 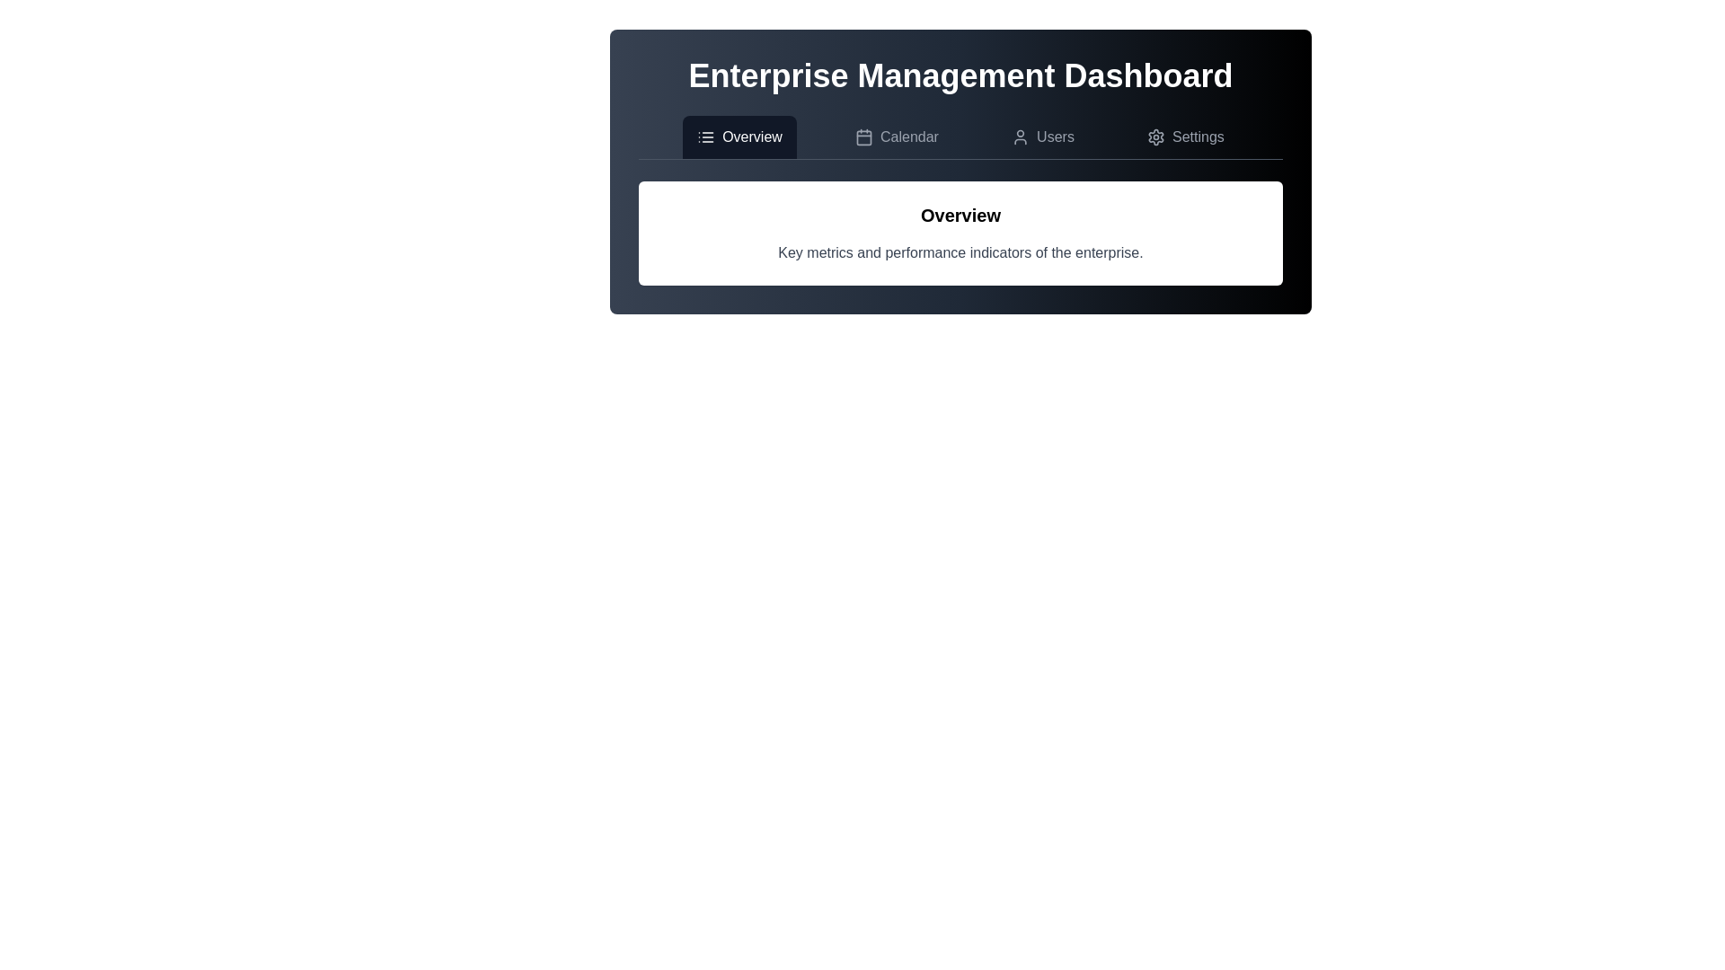 I want to click on displayed text from the Text Label located at the top center of the white, rounded rectangular card in the main dashboard interface, so click(x=960, y=214).